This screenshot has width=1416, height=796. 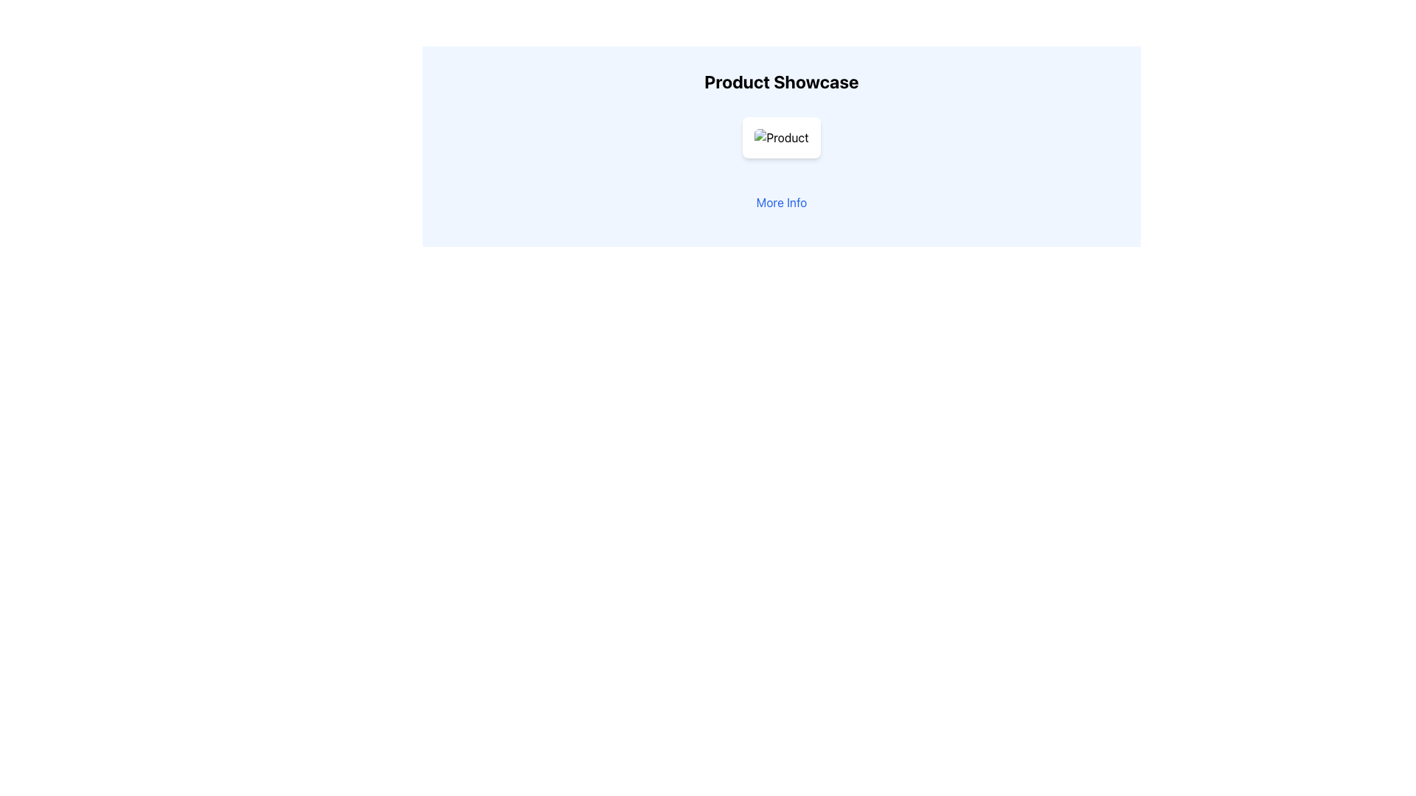 I want to click on text displayed in the 'Product Showcase' header, which is a large, bold text element located at the top center of the section with a light blue background, so click(x=781, y=82).